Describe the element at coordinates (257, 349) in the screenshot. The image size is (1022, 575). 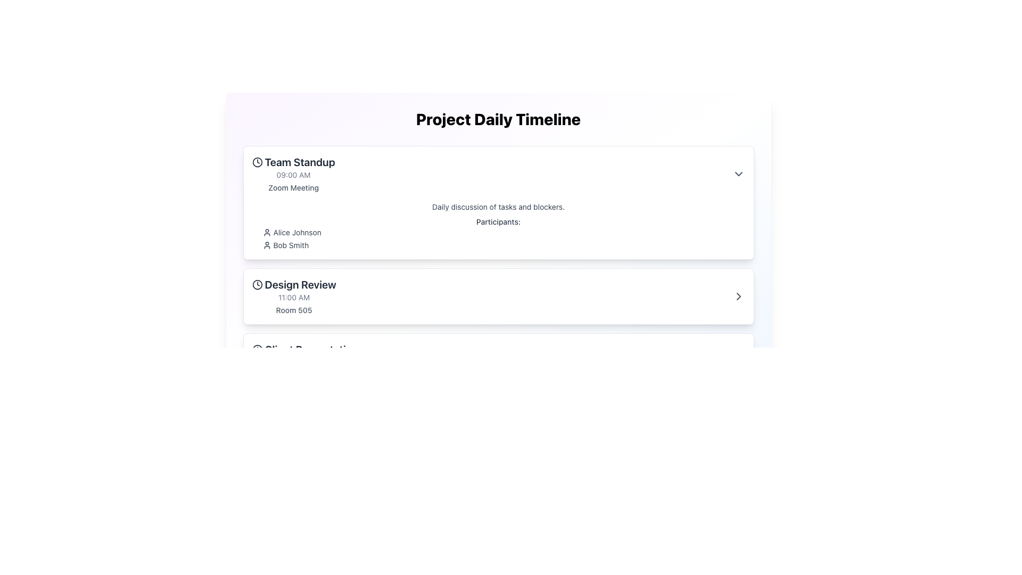
I see `the decorative clock face represented by the circular outline within the SVG format, which is located near the top left corner of the 'Team Standup' card` at that location.